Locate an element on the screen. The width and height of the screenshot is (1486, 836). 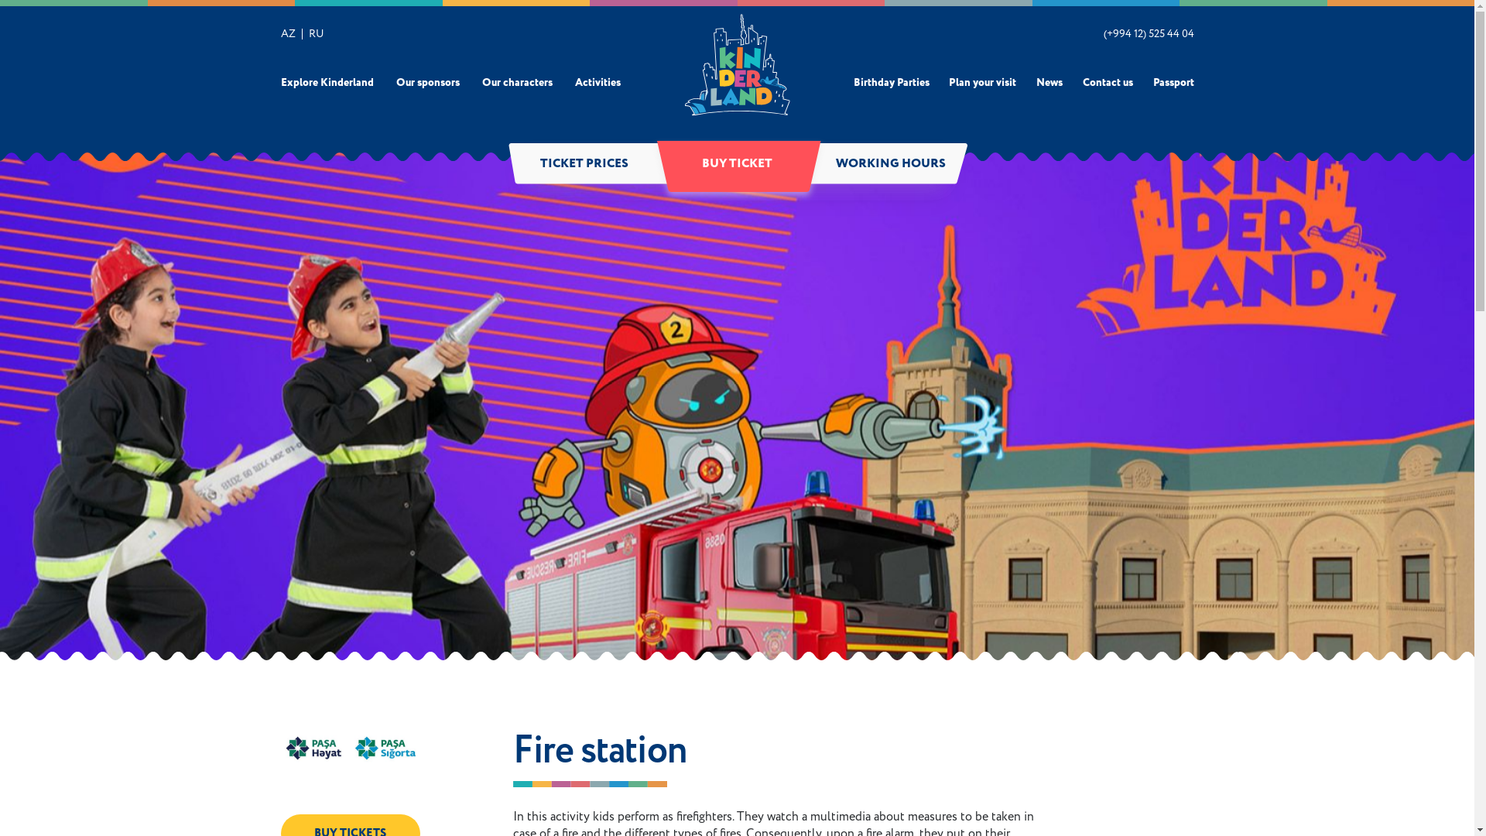
'Our sponsors' is located at coordinates (396, 83).